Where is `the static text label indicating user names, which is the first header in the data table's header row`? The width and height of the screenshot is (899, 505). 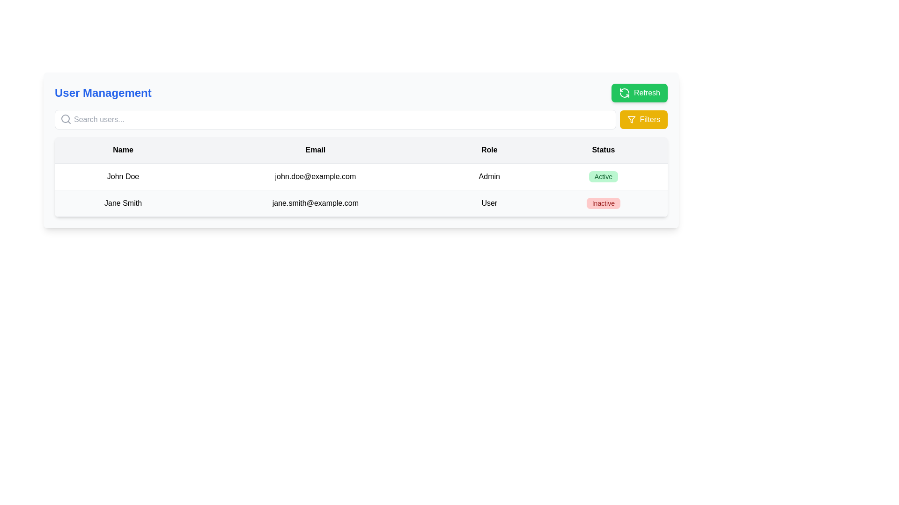 the static text label indicating user names, which is the first header in the data table's header row is located at coordinates (123, 150).